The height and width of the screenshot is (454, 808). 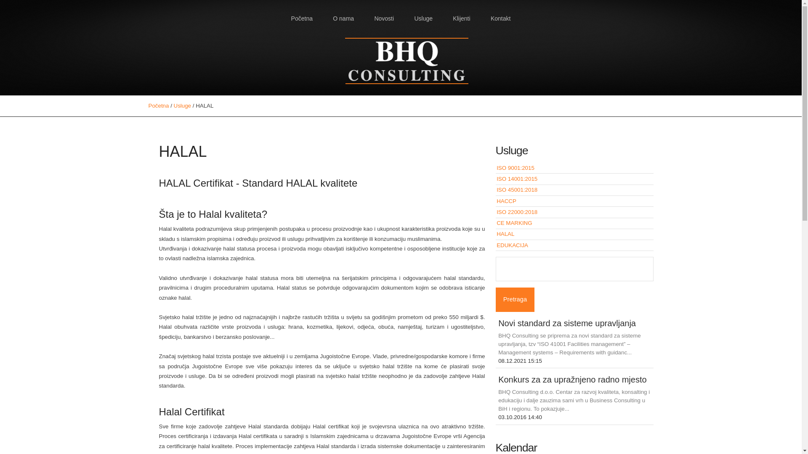 I want to click on 'O nama', so click(x=343, y=18).